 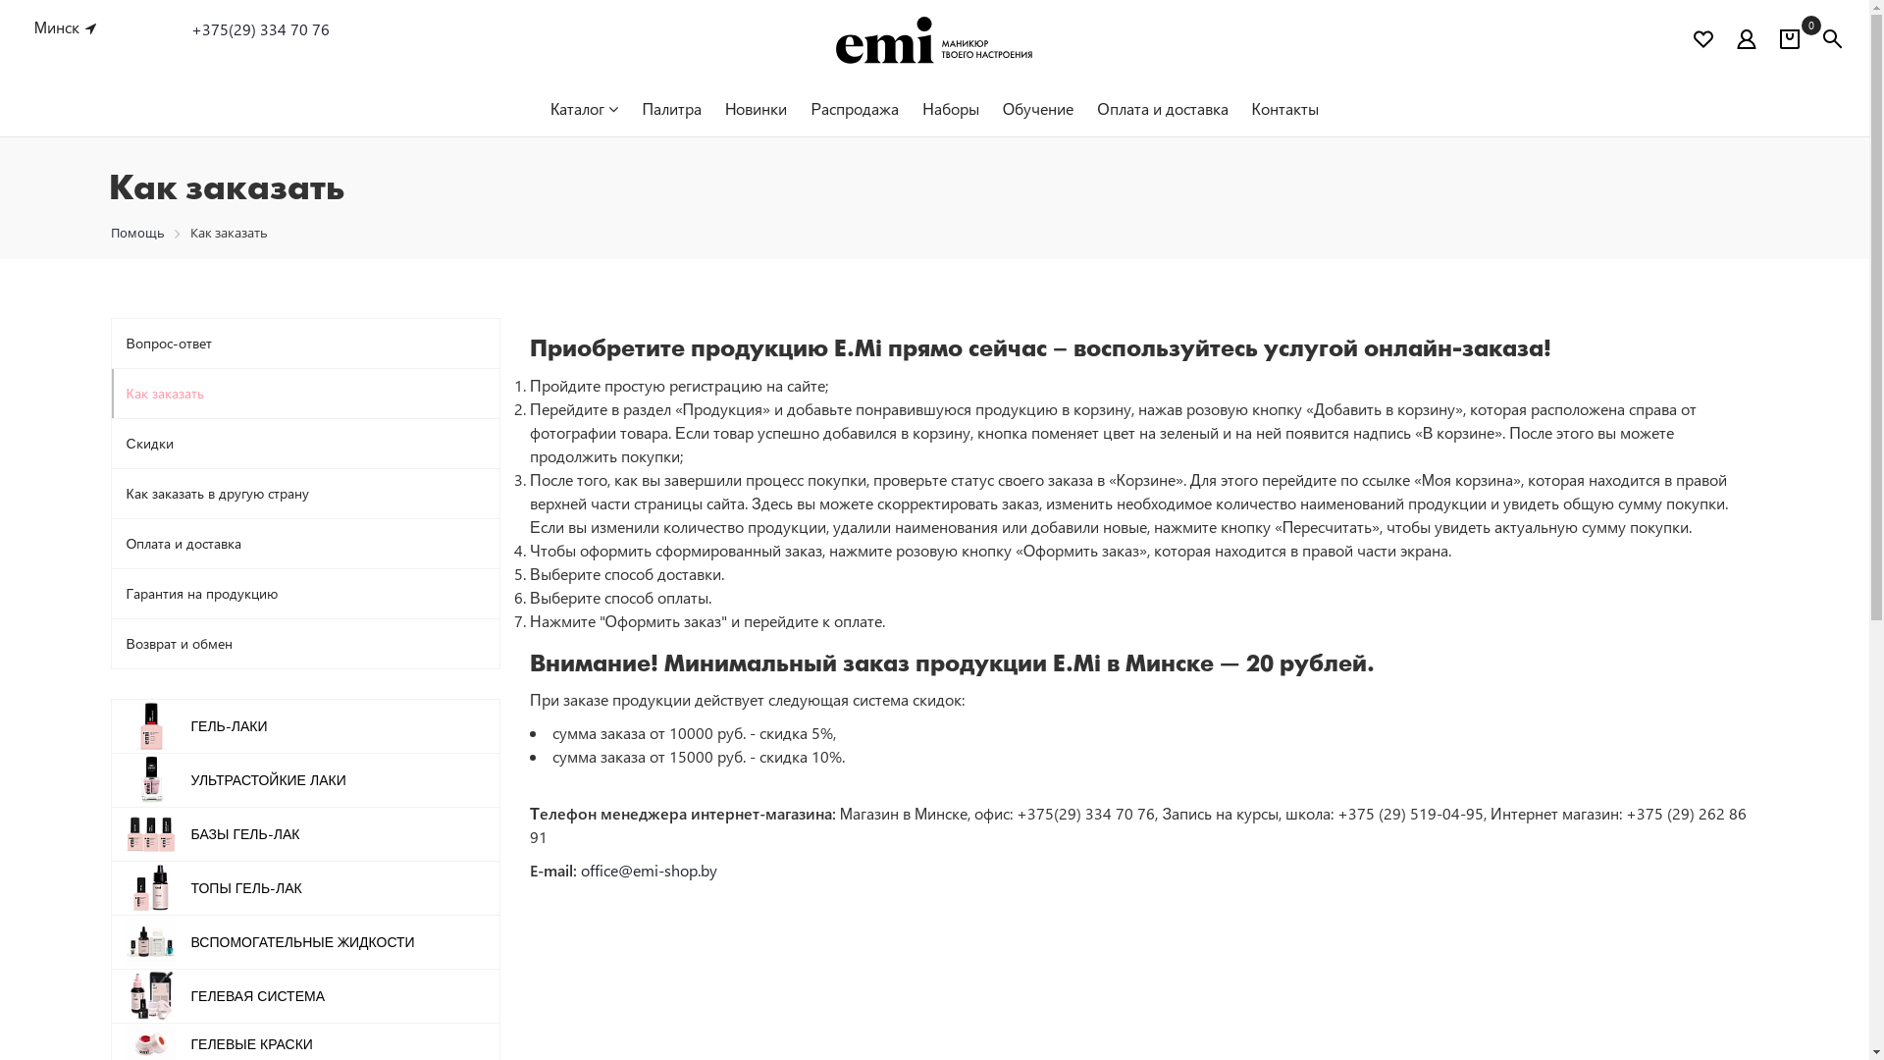 I want to click on '+375(29) 334 70 76', so click(x=191, y=28).